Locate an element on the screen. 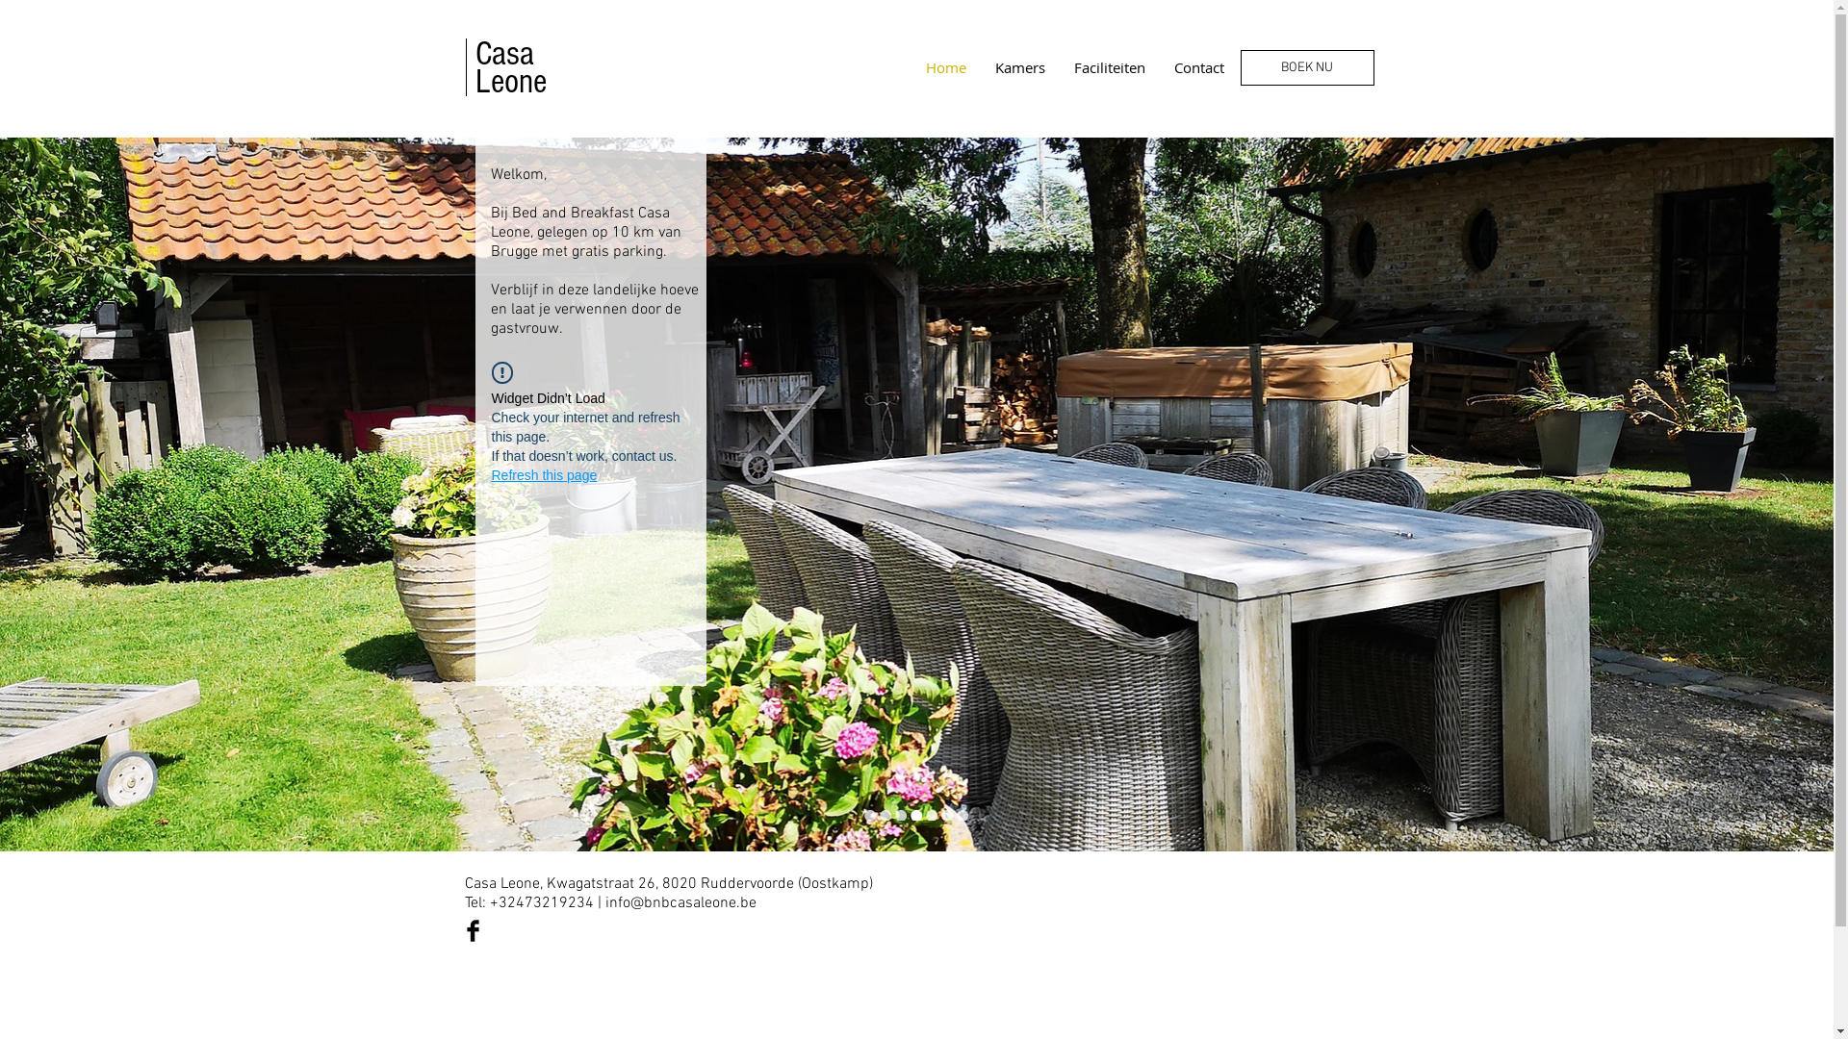  'Refresh this page' is located at coordinates (543, 474).